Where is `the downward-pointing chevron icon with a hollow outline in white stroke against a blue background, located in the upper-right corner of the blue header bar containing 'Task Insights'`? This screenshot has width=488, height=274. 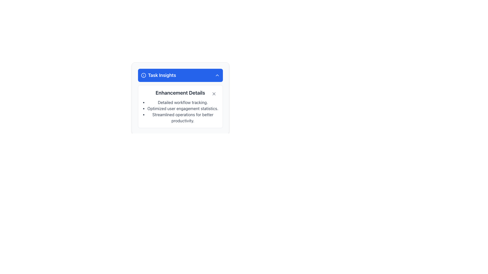
the downward-pointing chevron icon with a hollow outline in white stroke against a blue background, located in the upper-right corner of the blue header bar containing 'Task Insights' is located at coordinates (217, 75).